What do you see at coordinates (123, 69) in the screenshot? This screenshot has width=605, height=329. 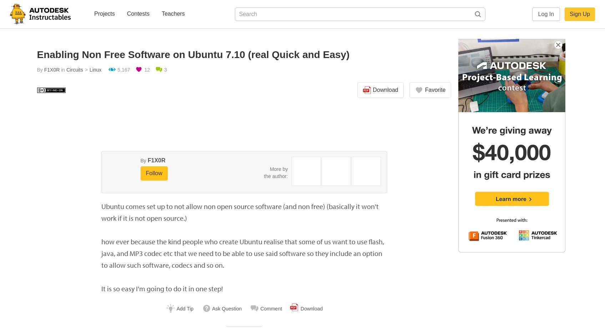 I see `'5,167'` at bounding box center [123, 69].